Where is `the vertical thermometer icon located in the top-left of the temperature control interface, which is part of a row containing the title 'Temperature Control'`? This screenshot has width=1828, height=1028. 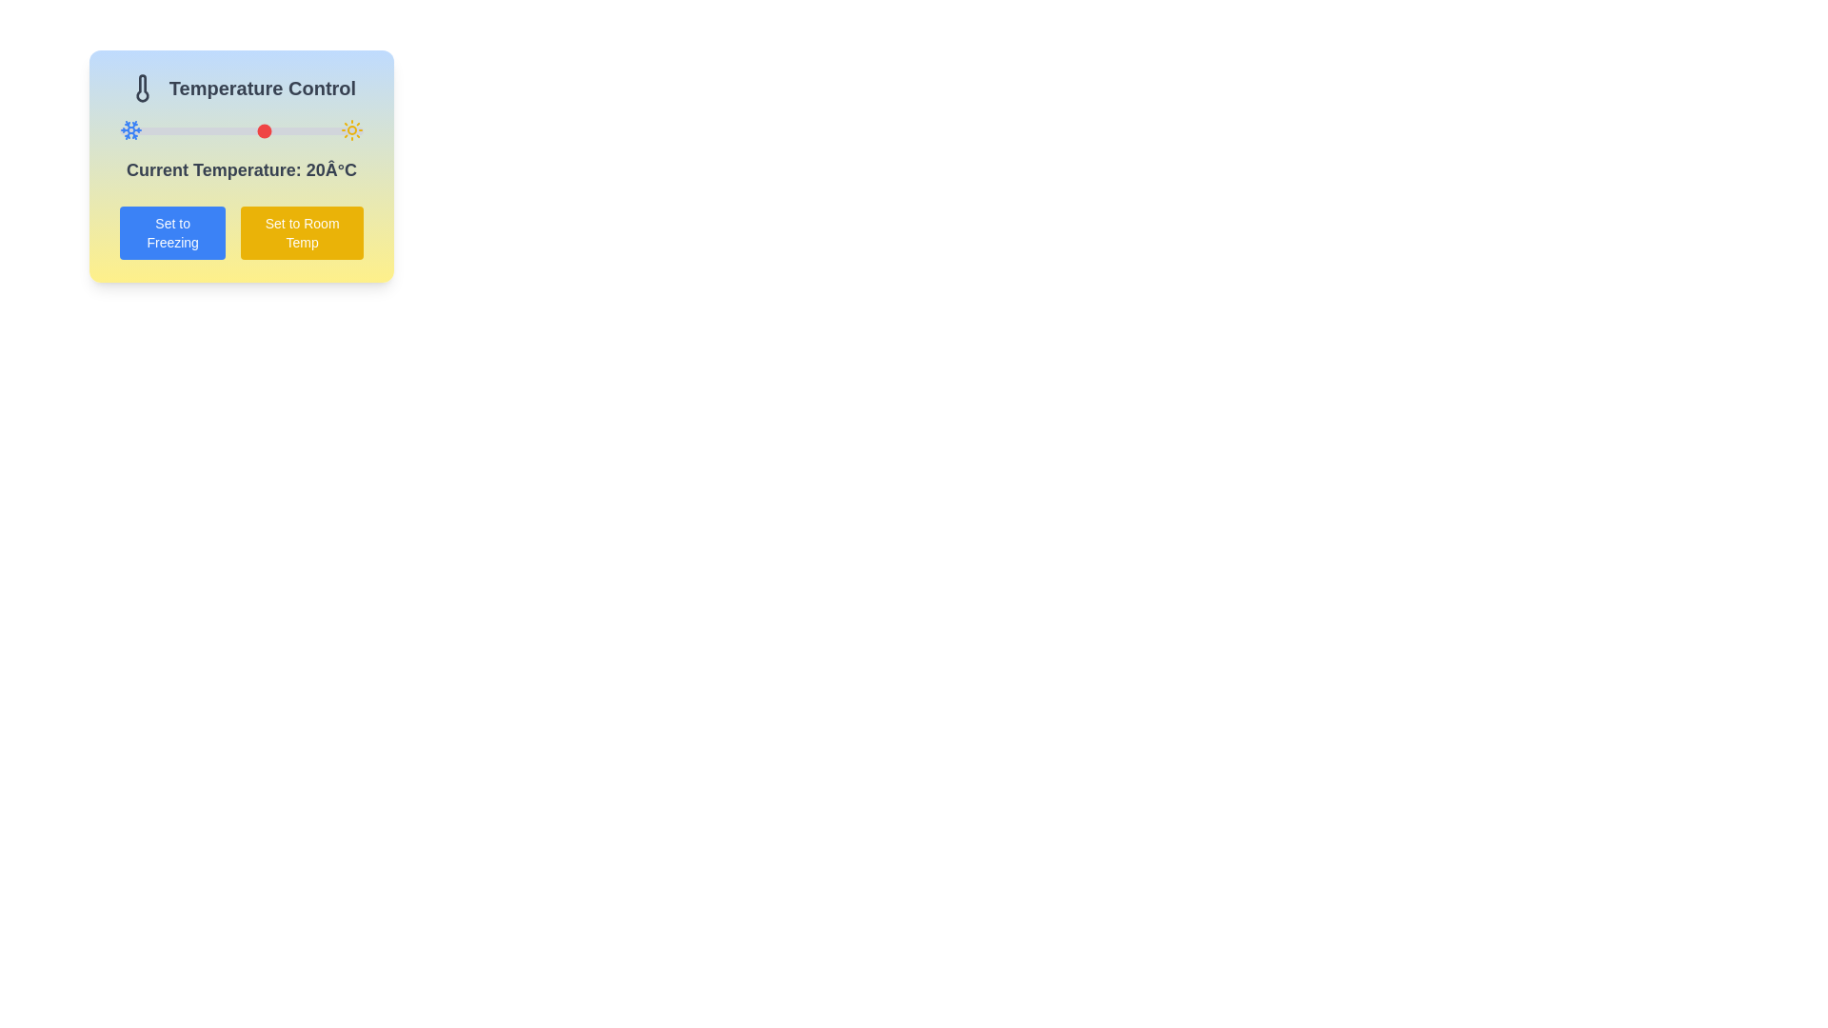 the vertical thermometer icon located in the top-left of the temperature control interface, which is part of a row containing the title 'Temperature Control' is located at coordinates (141, 88).